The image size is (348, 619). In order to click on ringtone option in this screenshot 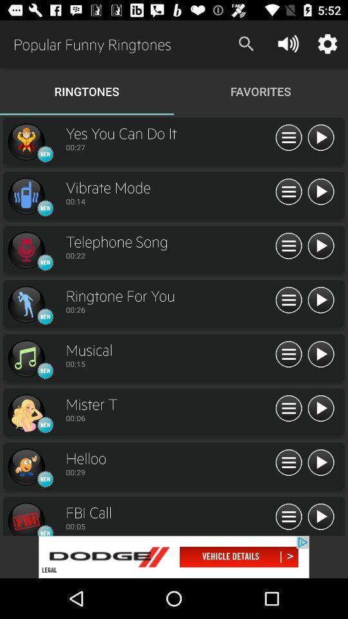, I will do `click(26, 304)`.